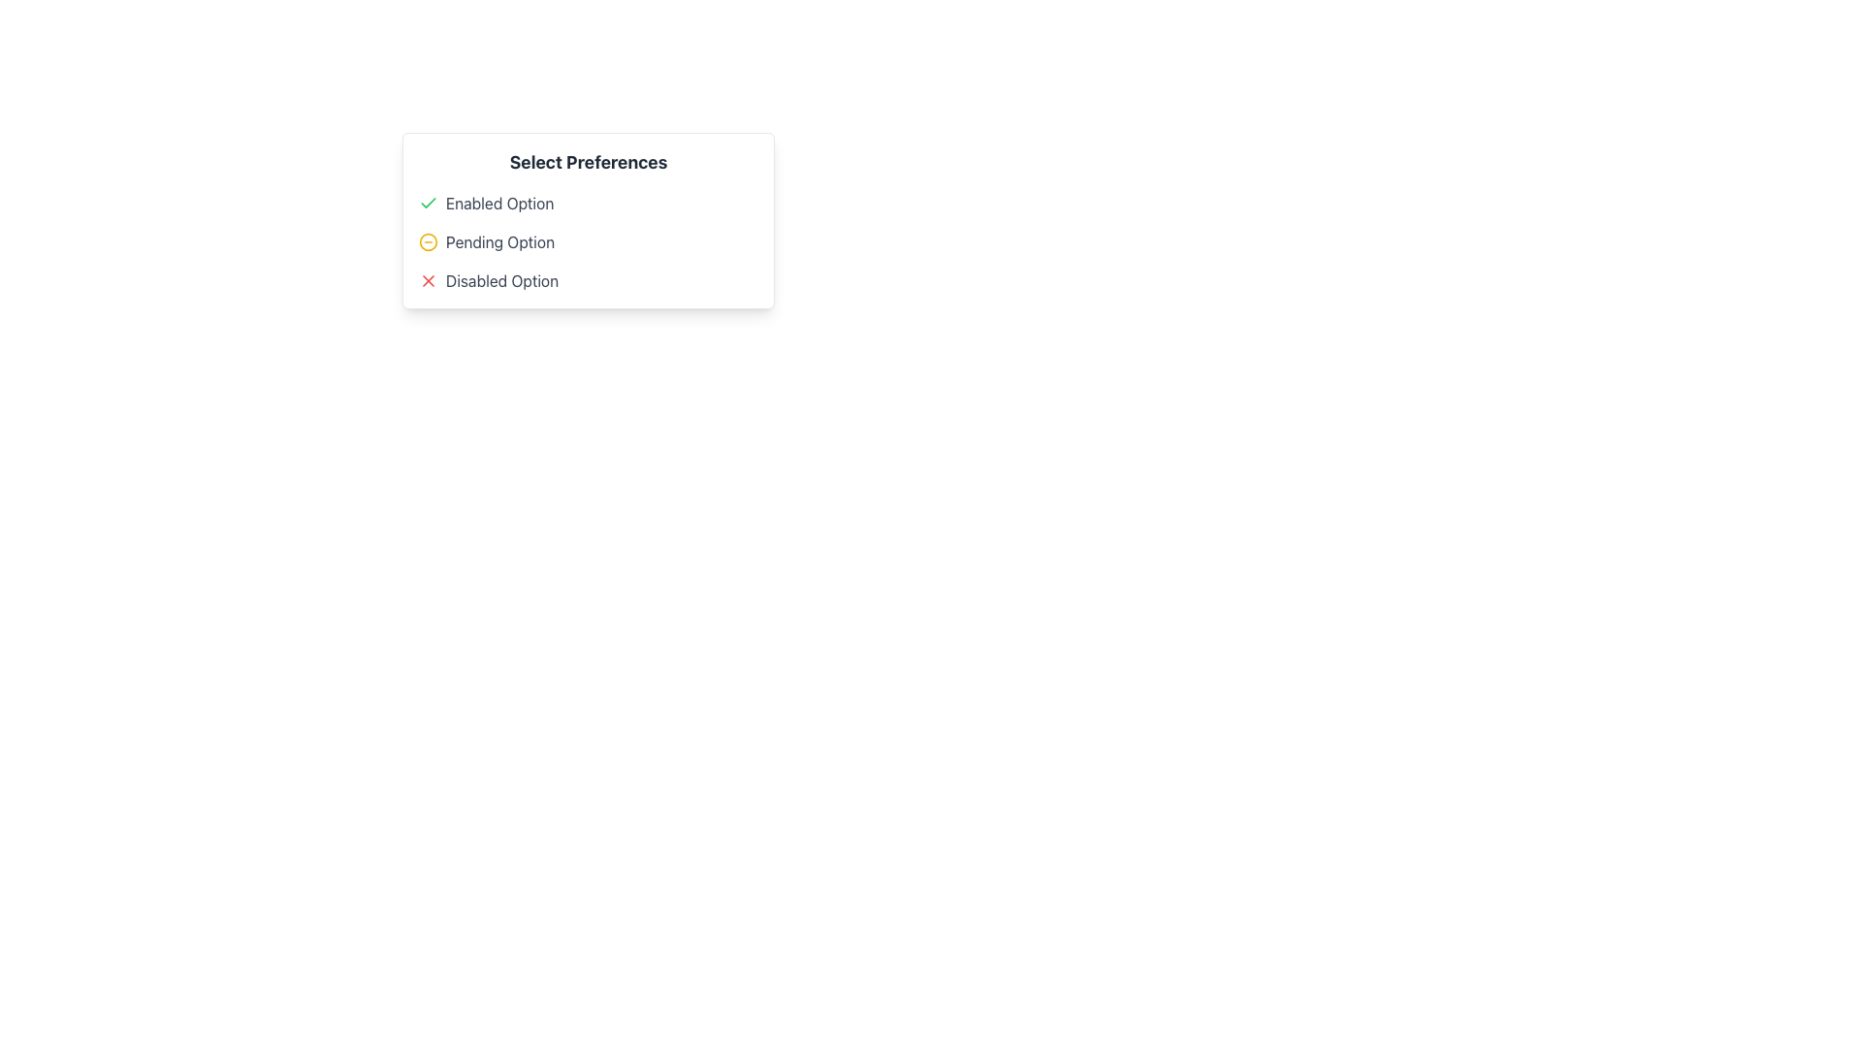 Image resolution: width=1862 pixels, height=1047 pixels. What do you see at coordinates (500, 241) in the screenshot?
I see `the text label displaying 'Pending Option', which is styled in gray and positioned between 'Enabled Option' and 'Disabled Option' in the list under 'Select Preferences'` at bounding box center [500, 241].